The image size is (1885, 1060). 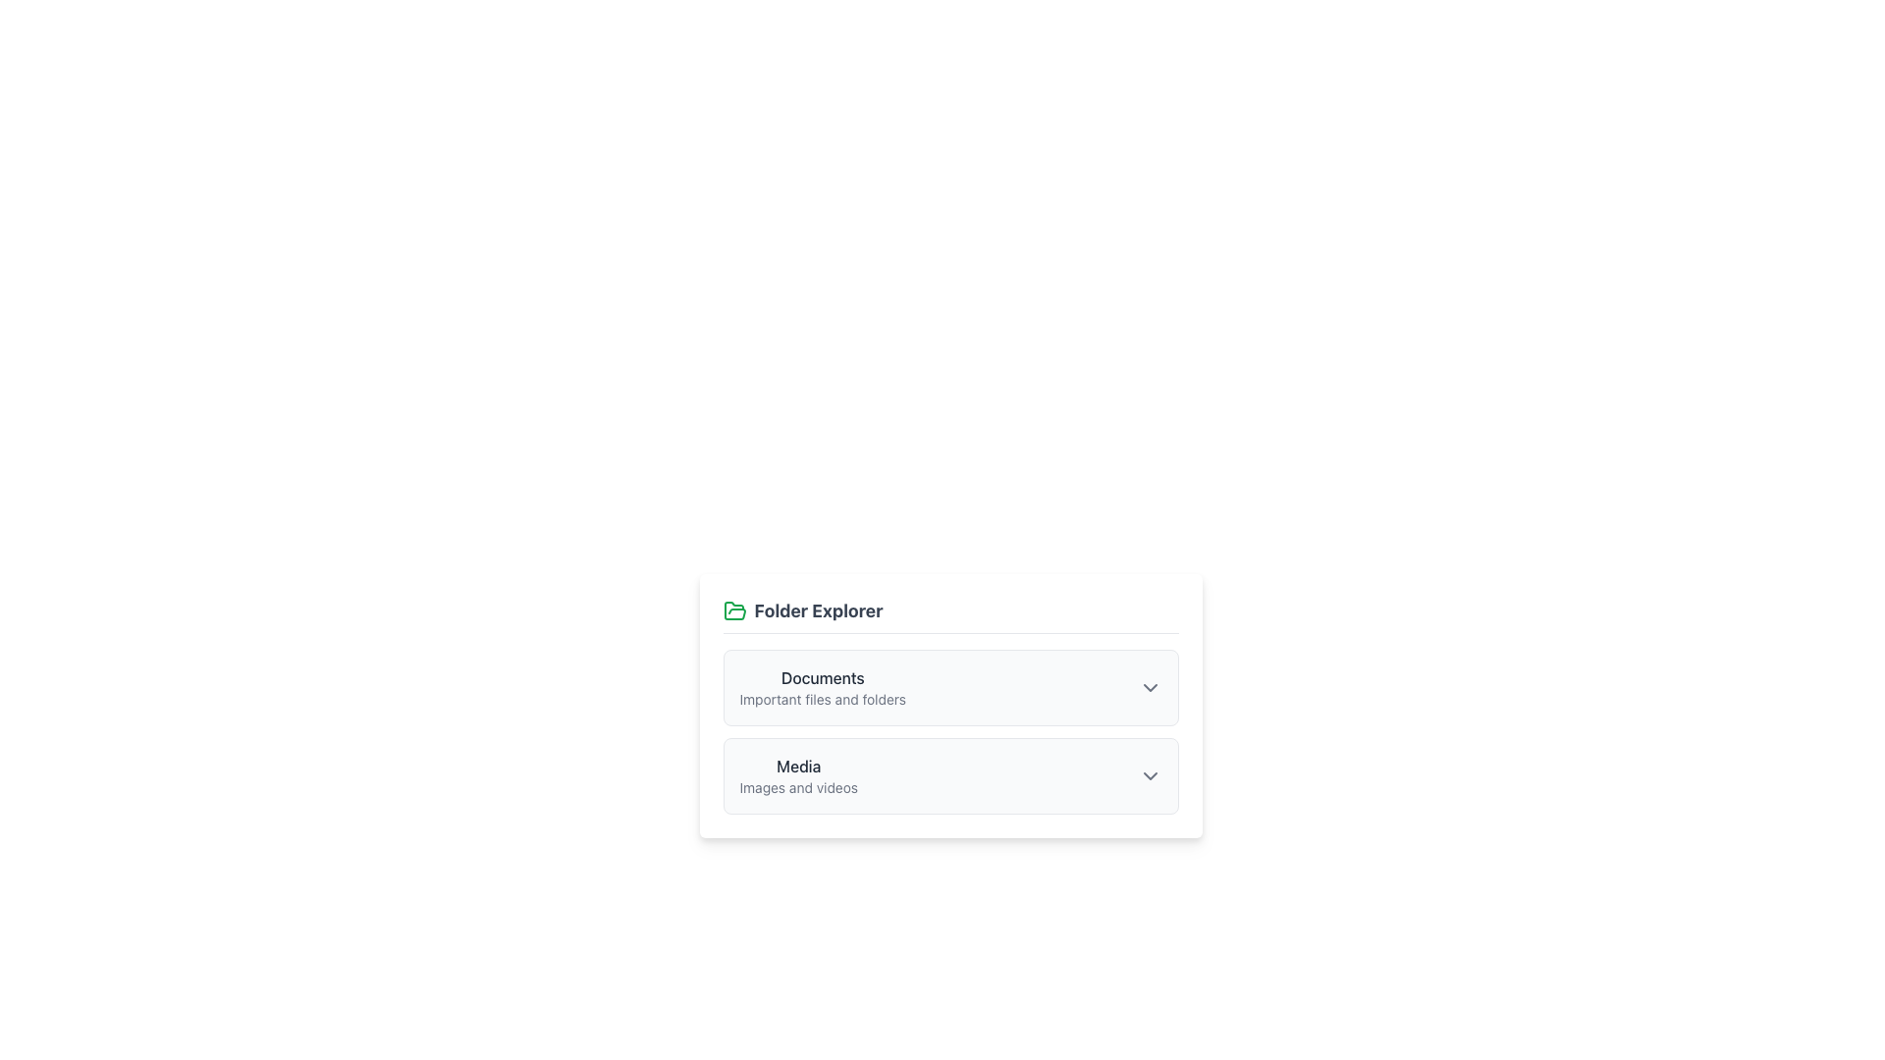 I want to click on the composite label component containing 'Media' and 'Images and videos', so click(x=798, y=774).